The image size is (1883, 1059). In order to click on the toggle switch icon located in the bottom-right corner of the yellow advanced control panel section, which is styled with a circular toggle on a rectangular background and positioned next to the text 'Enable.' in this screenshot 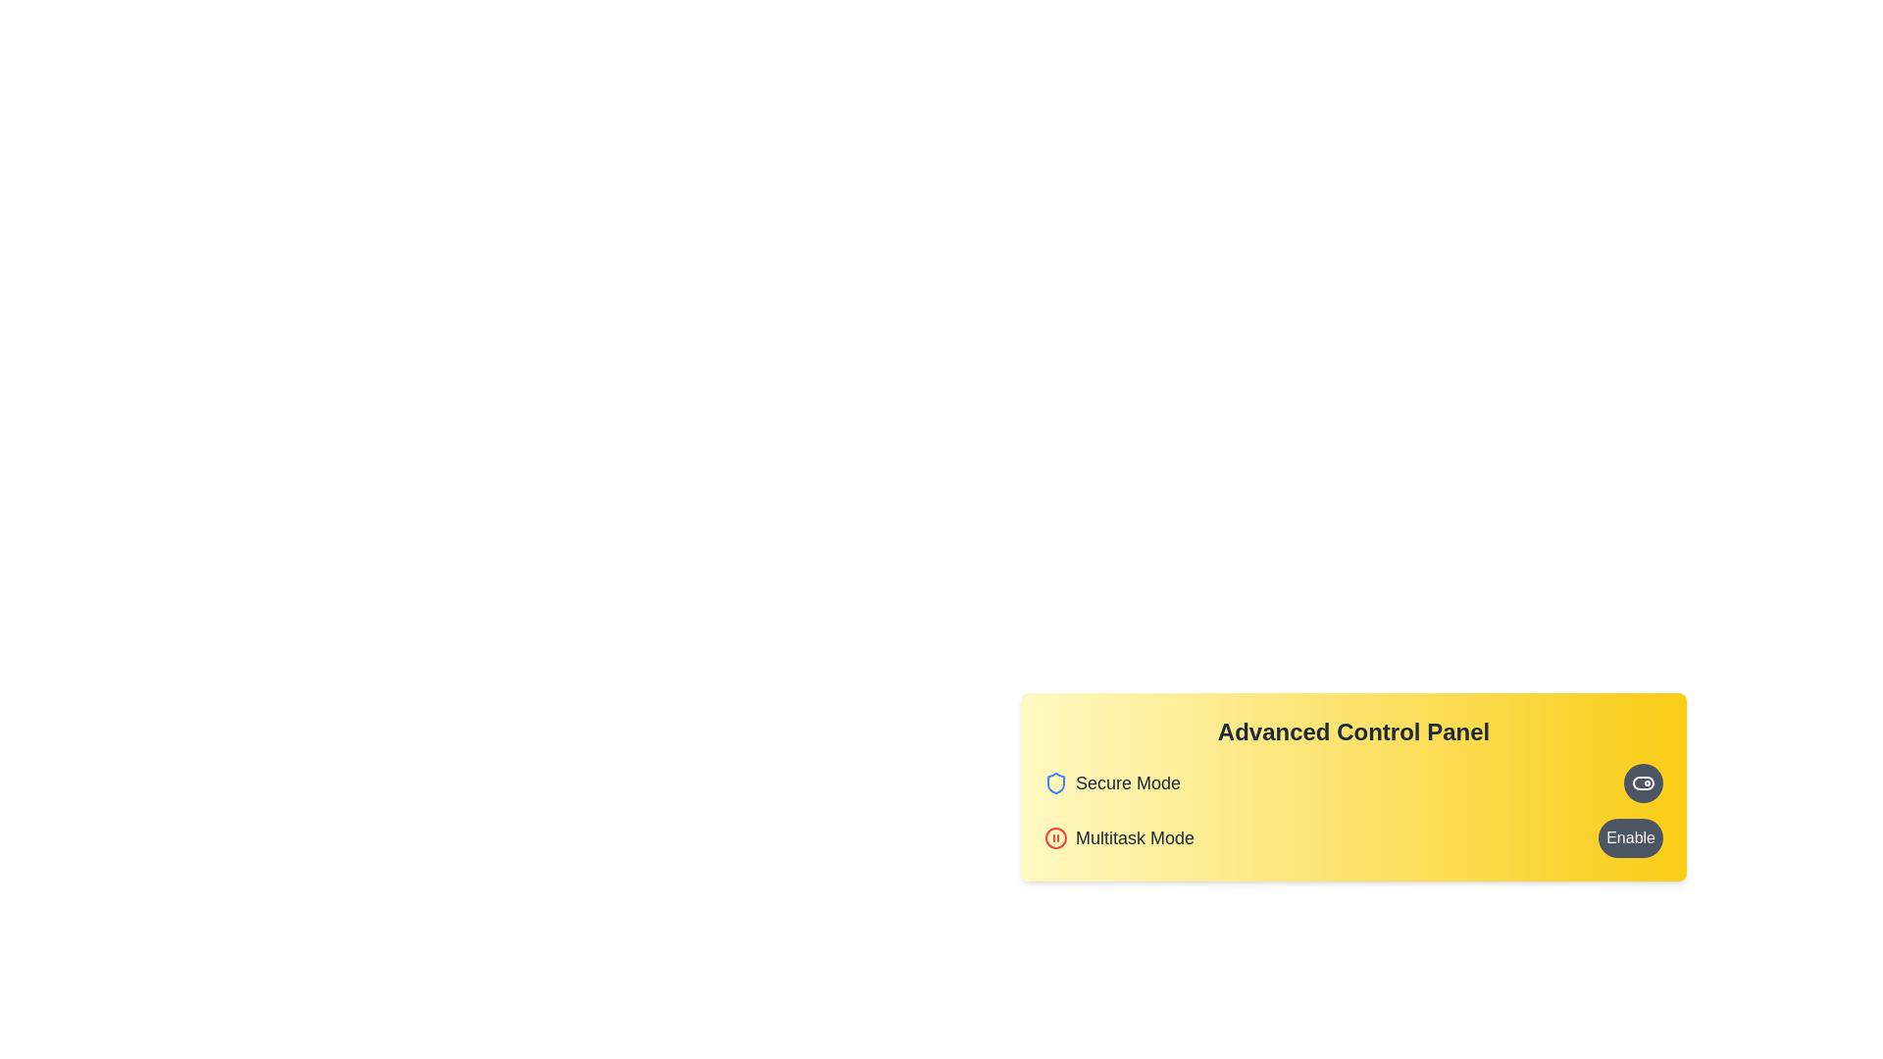, I will do `click(1643, 782)`.